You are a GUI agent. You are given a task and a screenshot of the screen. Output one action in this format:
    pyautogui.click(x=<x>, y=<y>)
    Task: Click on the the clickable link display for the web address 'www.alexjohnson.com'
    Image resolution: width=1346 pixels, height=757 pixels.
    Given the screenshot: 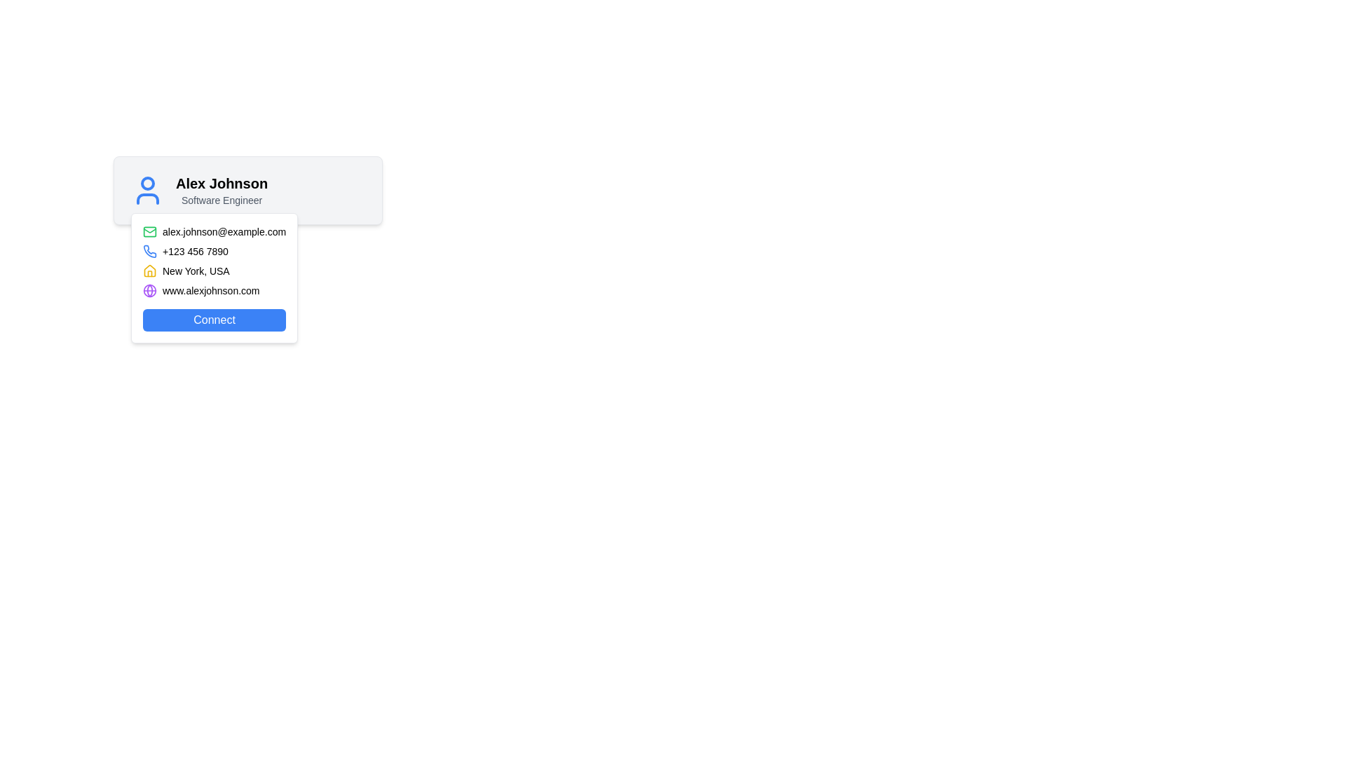 What is the action you would take?
    pyautogui.click(x=214, y=290)
    